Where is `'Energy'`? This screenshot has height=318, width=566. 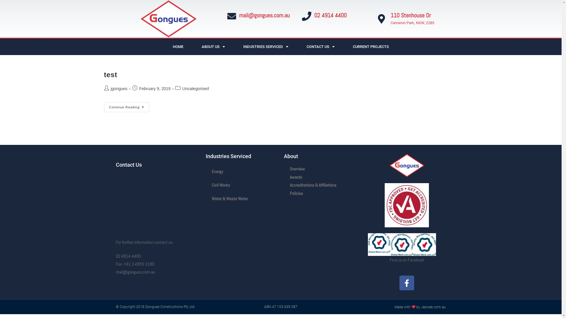 'Energy' is located at coordinates (242, 171).